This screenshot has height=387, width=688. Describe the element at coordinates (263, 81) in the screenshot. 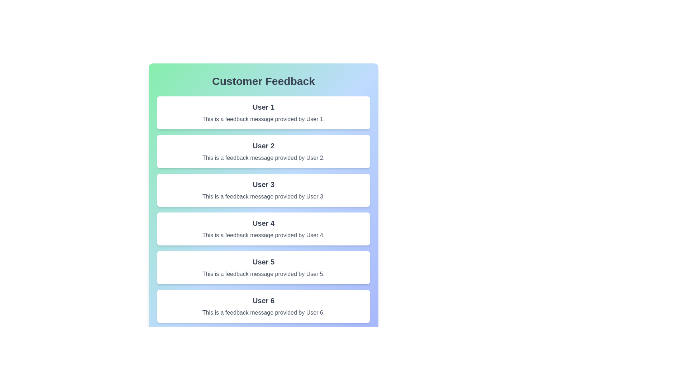

I see `the 'Customer Feedback' header text, which is prominently displayed in a large, bold dark gray font against a gradient background transitioning from green to blue` at that location.